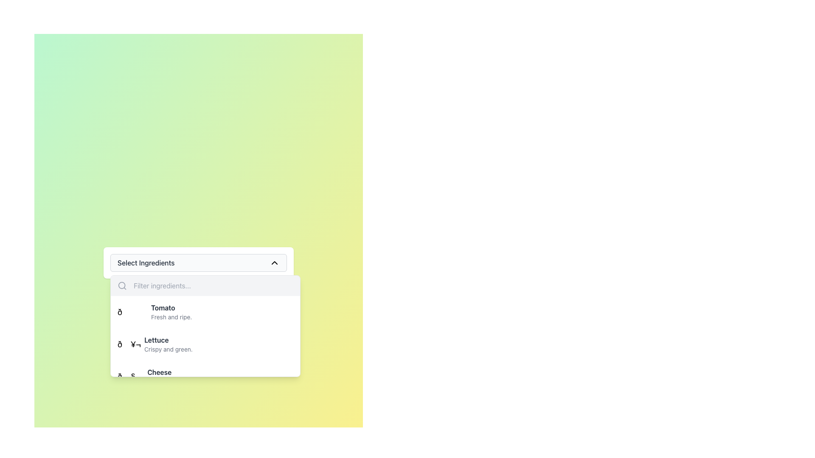  I want to click on the Dropdown button located at the center of the view, so click(198, 263).